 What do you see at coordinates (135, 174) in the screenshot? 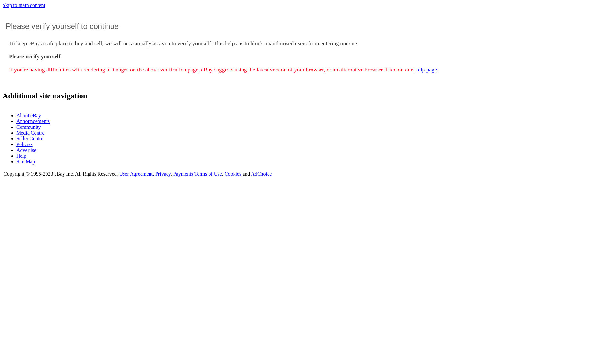
I see `'User Agreement'` at bounding box center [135, 174].